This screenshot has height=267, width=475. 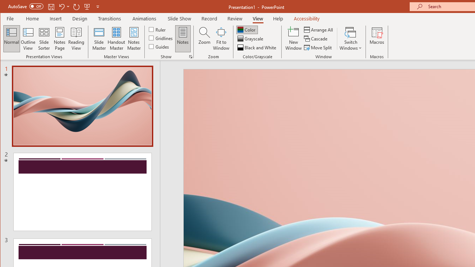 I want to click on 'Notes Master', so click(x=134, y=39).